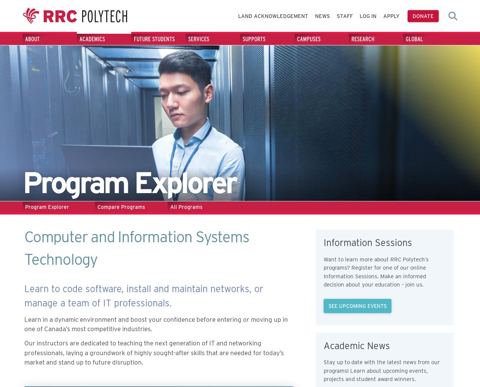  I want to click on 'See Upcoming Events', so click(357, 306).